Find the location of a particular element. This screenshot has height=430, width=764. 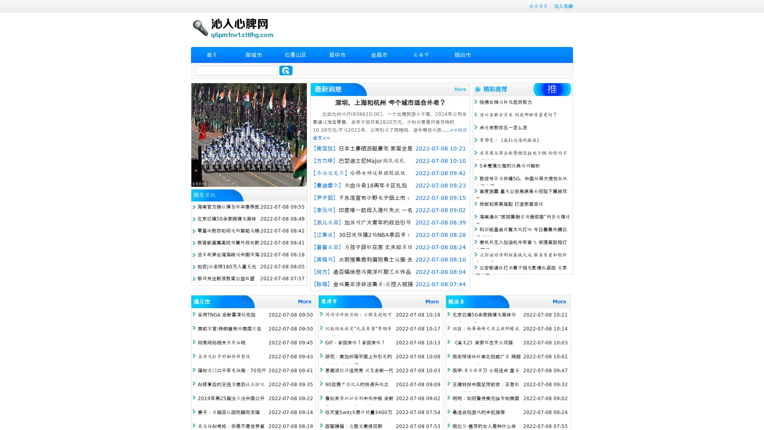

Search is located at coordinates (286, 70).